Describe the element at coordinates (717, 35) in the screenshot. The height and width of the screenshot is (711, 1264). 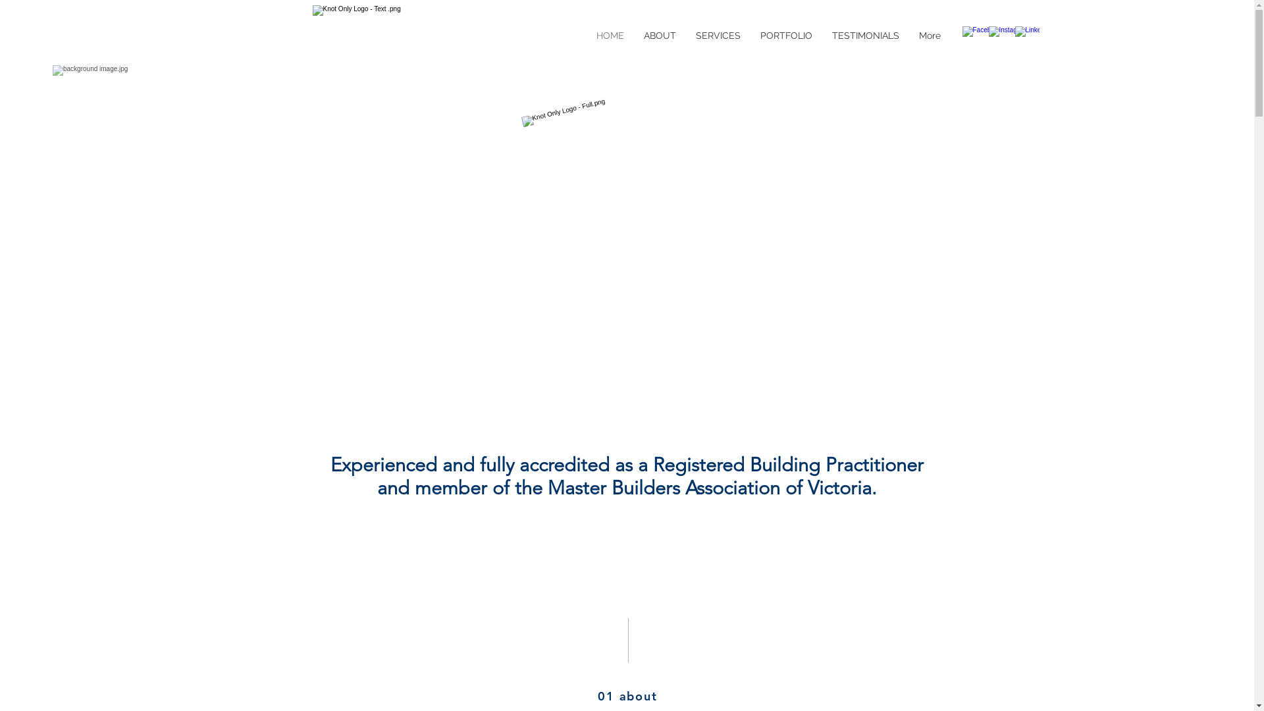
I see `'SERVICES'` at that location.